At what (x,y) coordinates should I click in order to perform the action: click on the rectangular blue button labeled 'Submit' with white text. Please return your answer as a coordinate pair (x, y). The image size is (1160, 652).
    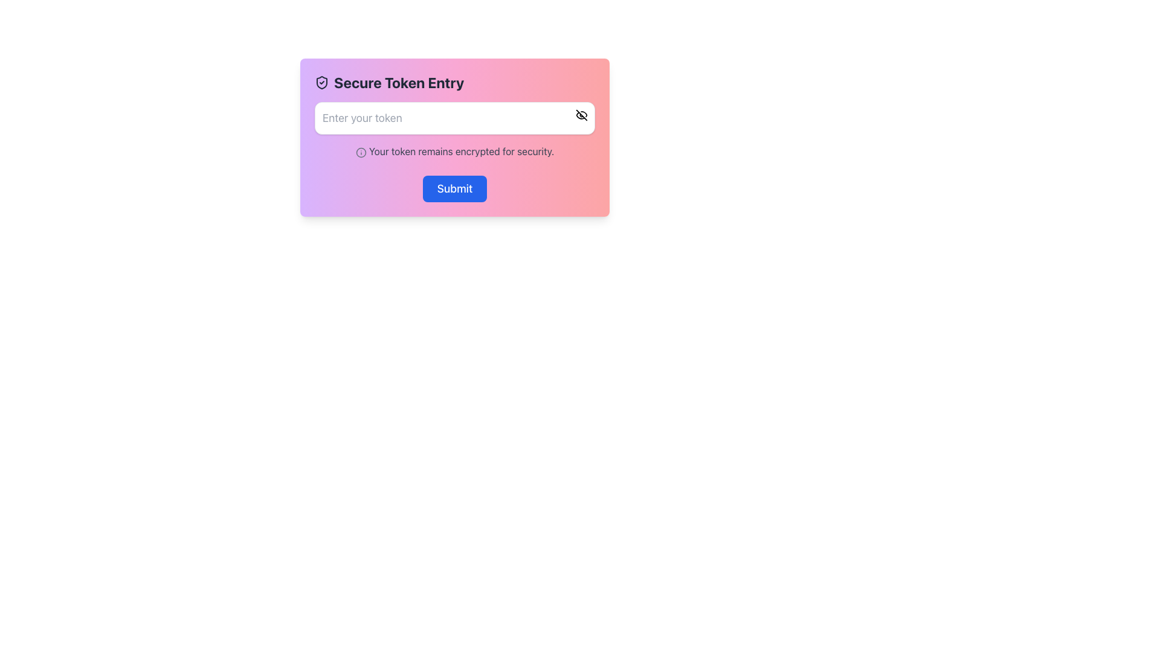
    Looking at the image, I should click on (454, 188).